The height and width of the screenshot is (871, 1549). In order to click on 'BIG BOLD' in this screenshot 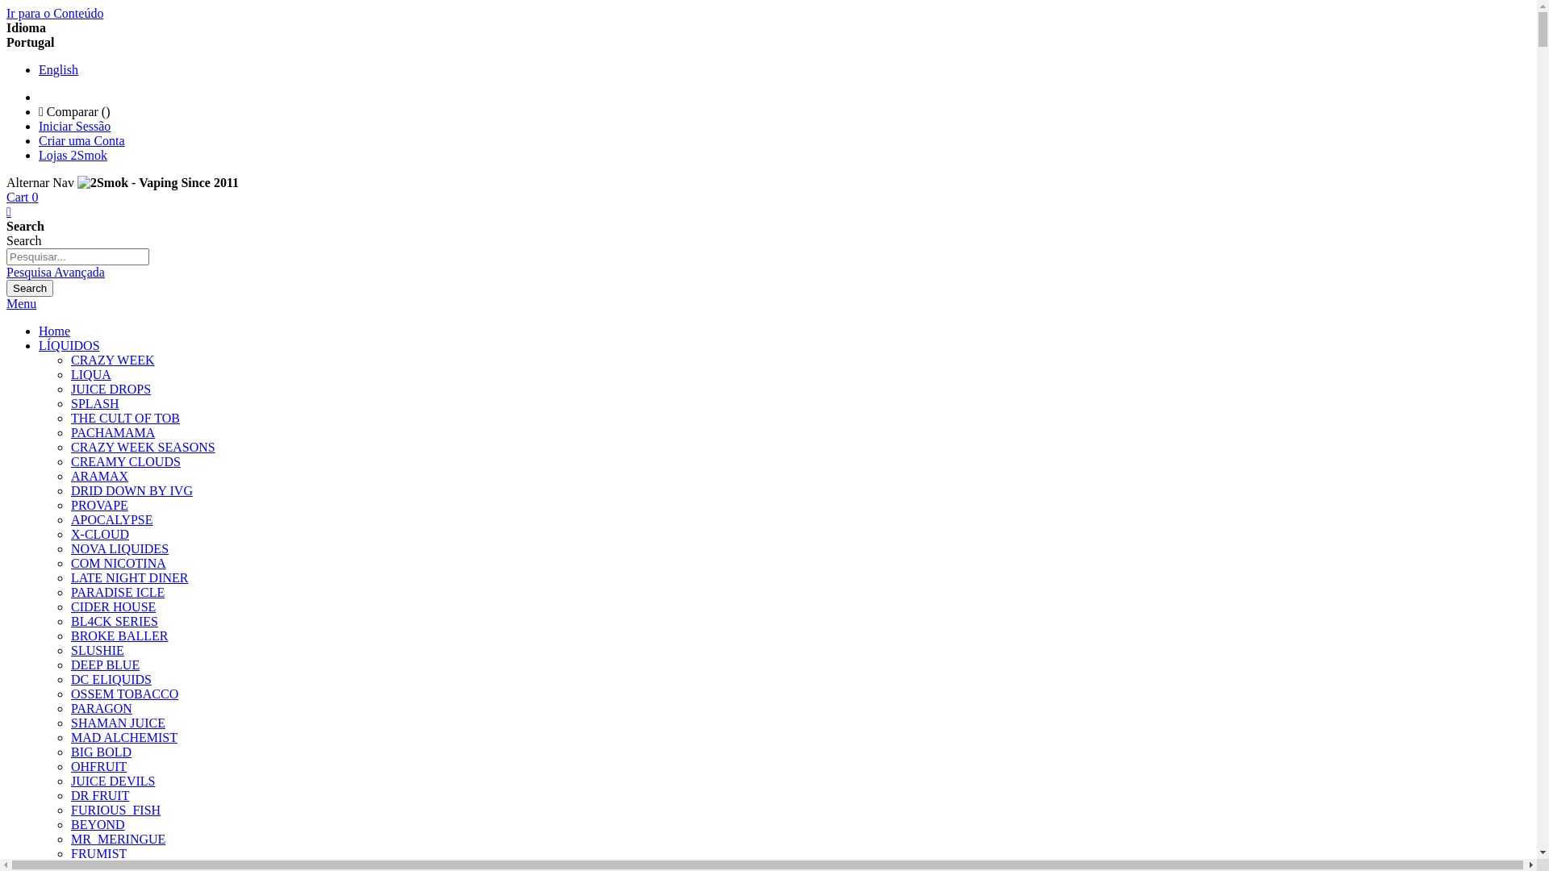, I will do `click(100, 752)`.